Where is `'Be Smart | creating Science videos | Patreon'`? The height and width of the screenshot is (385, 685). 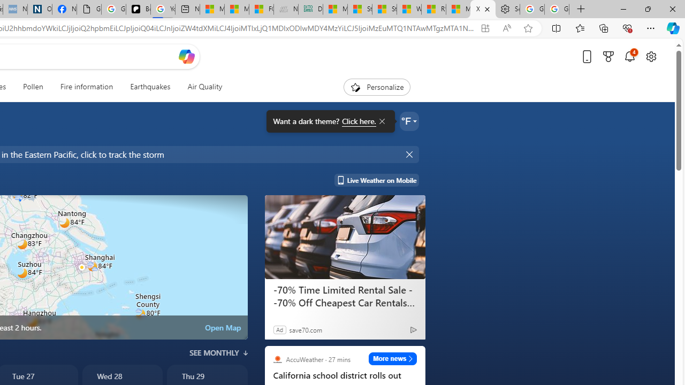
'Be Smart | creating Science videos | Patreon' is located at coordinates (138, 9).